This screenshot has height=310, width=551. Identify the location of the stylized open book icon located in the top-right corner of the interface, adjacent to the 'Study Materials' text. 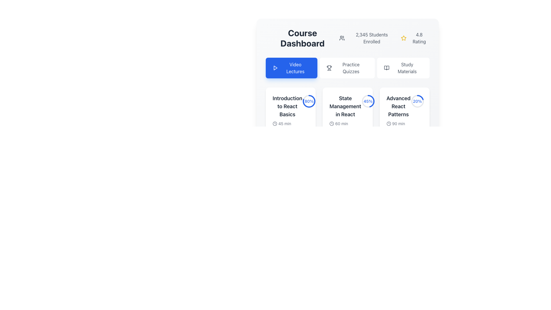
(387, 67).